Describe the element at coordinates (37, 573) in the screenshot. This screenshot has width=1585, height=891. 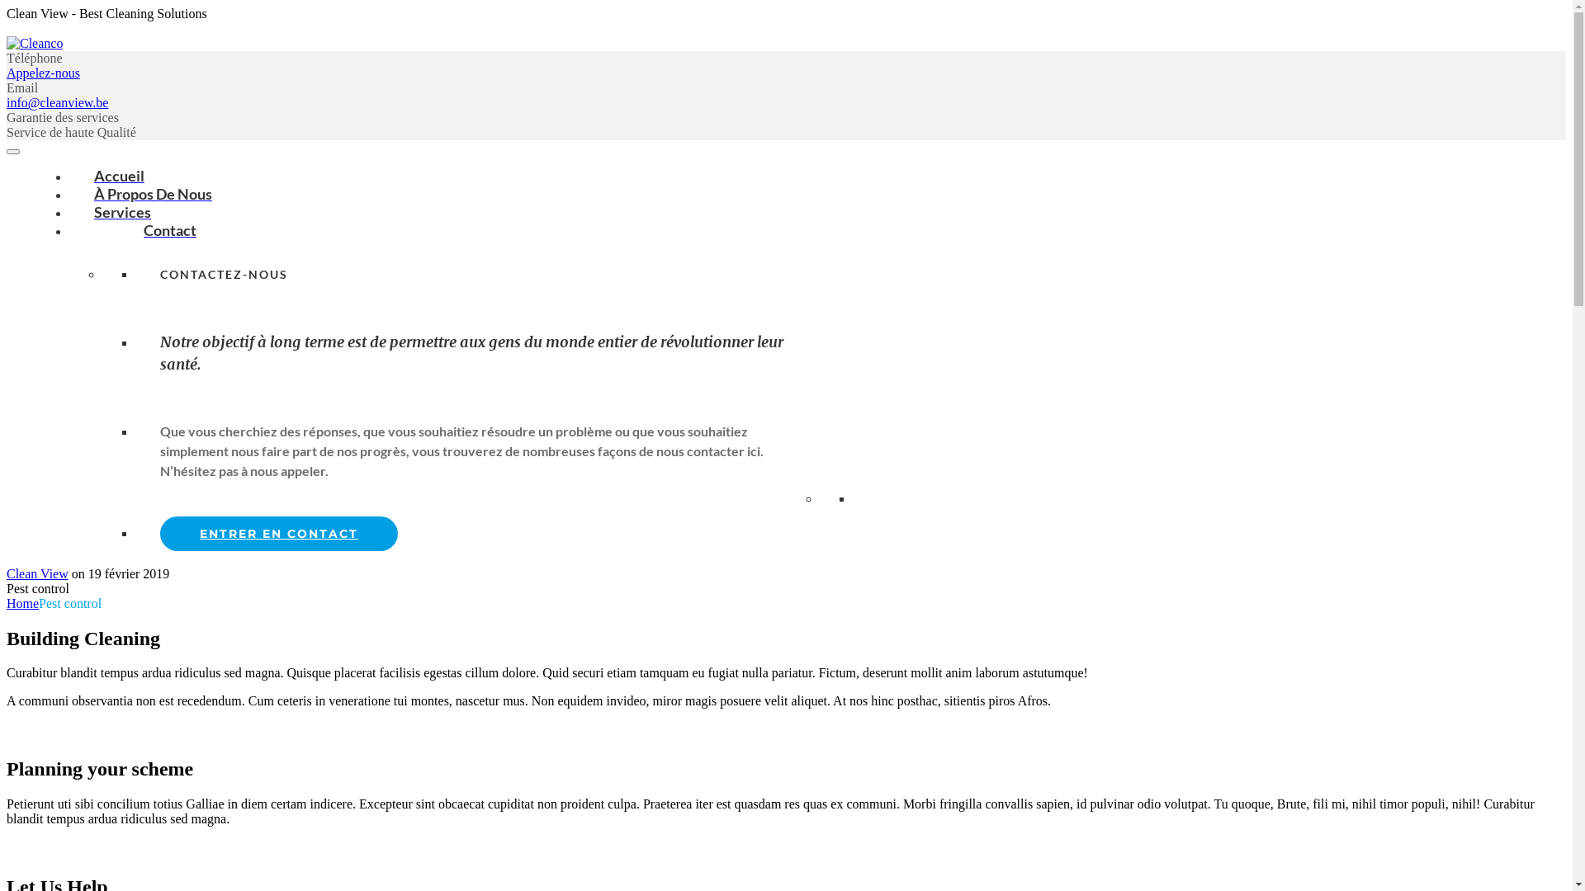
I see `'Clean View'` at that location.